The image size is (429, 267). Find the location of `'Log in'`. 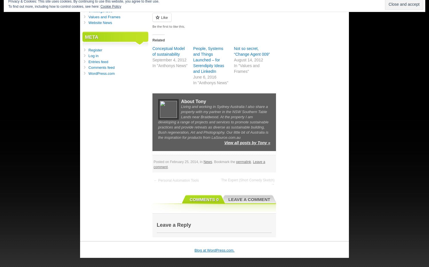

'Log in' is located at coordinates (93, 55).